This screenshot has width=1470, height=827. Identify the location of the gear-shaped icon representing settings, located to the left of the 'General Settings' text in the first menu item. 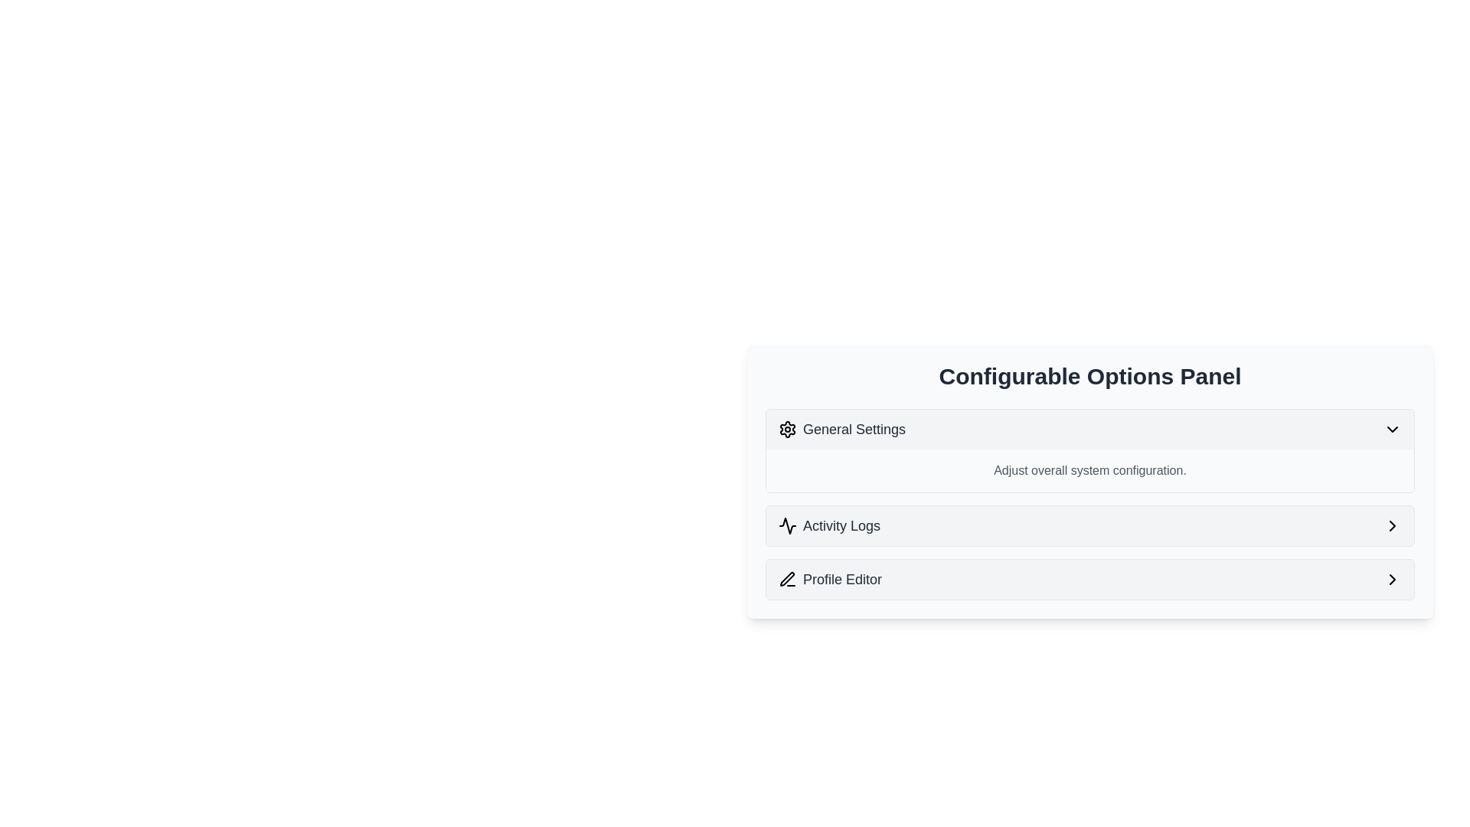
(787, 429).